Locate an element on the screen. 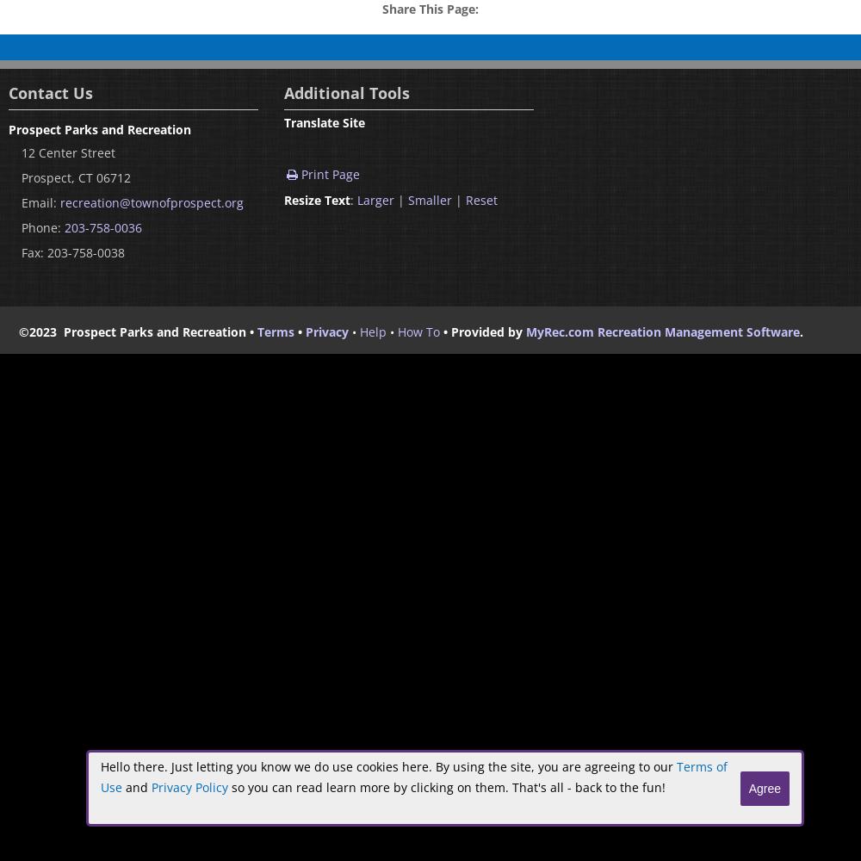  '203-758-0036' is located at coordinates (64, 226).